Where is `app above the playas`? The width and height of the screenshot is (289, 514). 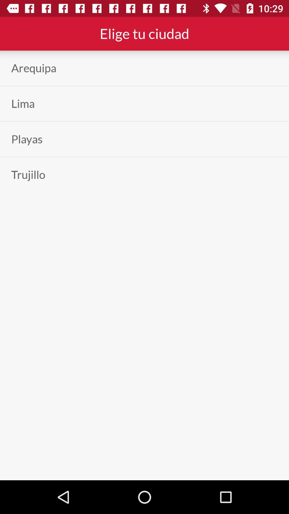
app above the playas is located at coordinates (22, 104).